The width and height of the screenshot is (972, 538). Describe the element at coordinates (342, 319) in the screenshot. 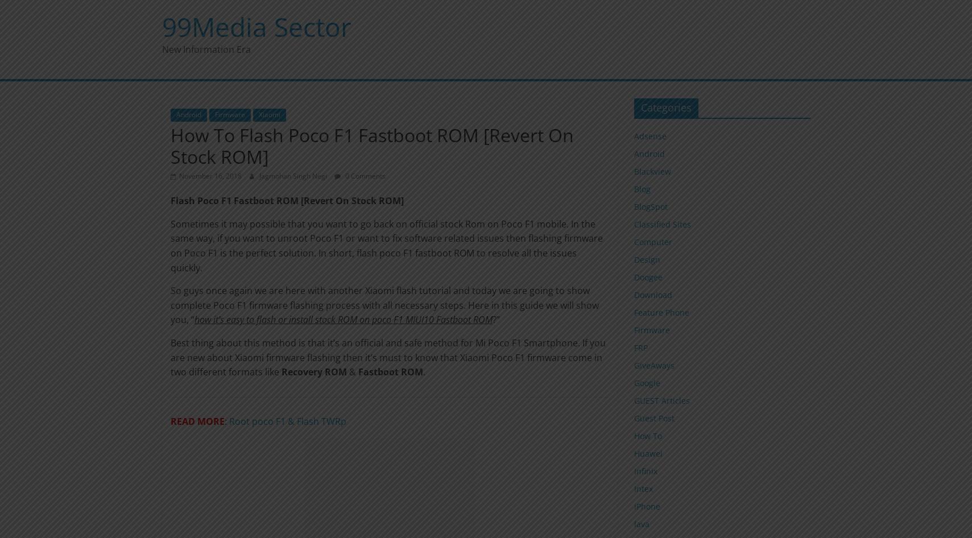

I see `'how it’s easy to flash or install stock ROM on poco F1 MIUI10 Fastboot ROM'` at that location.